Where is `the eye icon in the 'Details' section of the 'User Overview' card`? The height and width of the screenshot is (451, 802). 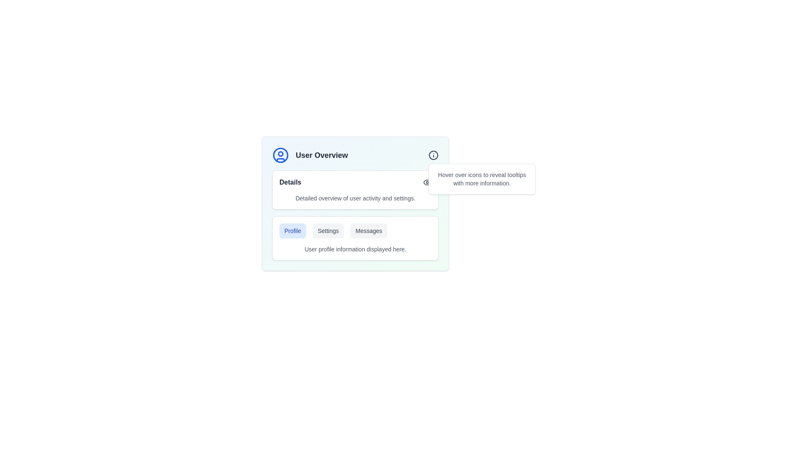
the eye icon in the 'Details' section of the 'User Overview' card is located at coordinates (427, 182).